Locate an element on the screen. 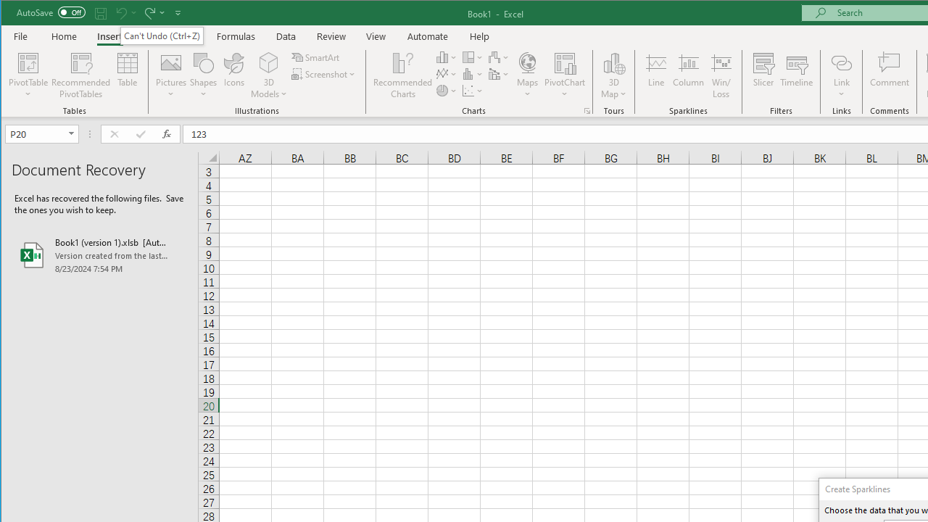 The image size is (928, 522). 'Maps' is located at coordinates (526, 75).